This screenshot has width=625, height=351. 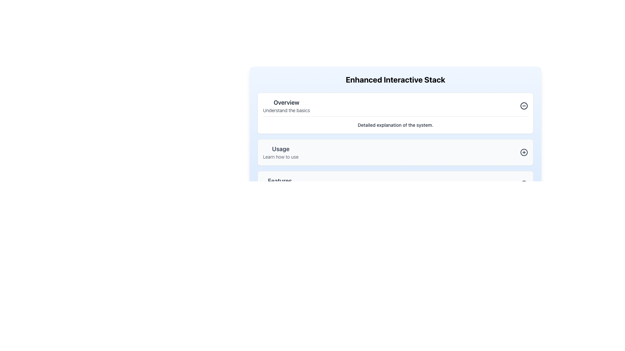 What do you see at coordinates (281, 149) in the screenshot?
I see `text label 'Usage', which is a large and bold font text aligned to the left, positioned between the 'Overview' section and the 'Learn how to use' text` at bounding box center [281, 149].